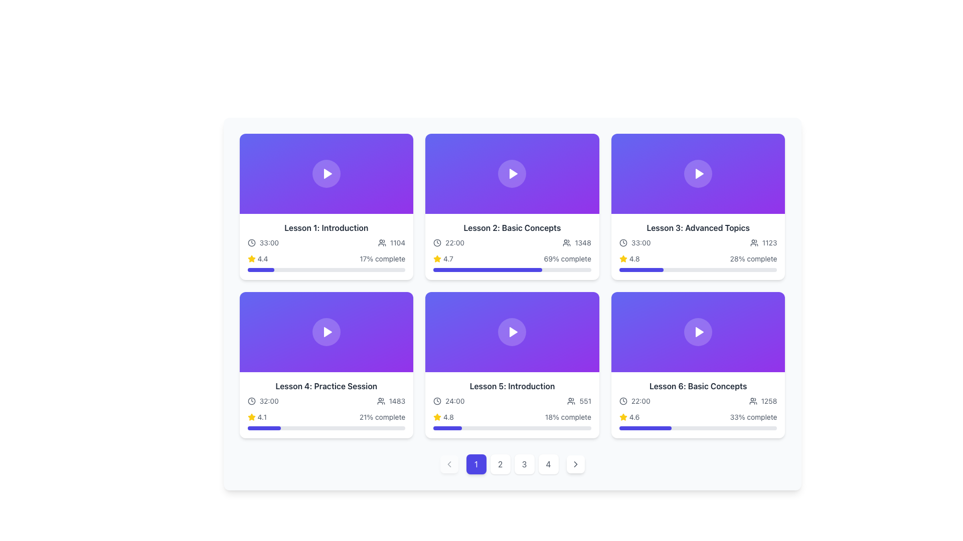  I want to click on displayed average rating value text located to the right of the yellow star icon in the rating section below the title line of the first lesson card in the top-left corner of the grid, so click(262, 258).